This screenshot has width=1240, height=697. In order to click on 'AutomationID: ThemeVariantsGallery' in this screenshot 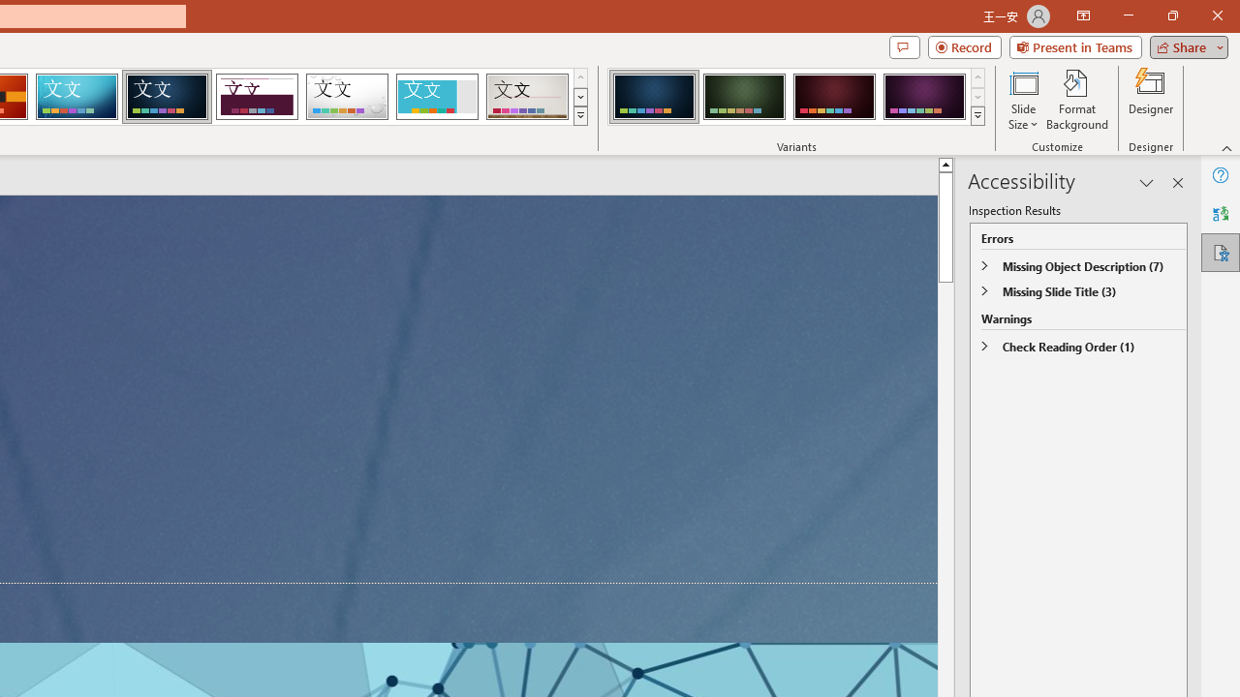, I will do `click(797, 97)`.